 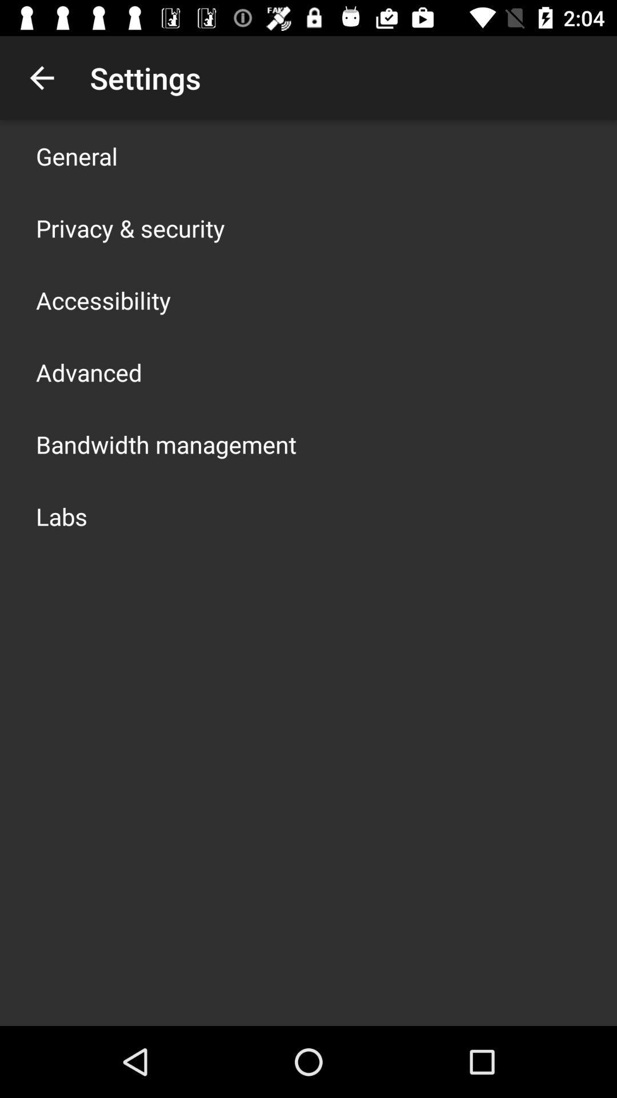 I want to click on app next to settings, so click(x=41, y=77).